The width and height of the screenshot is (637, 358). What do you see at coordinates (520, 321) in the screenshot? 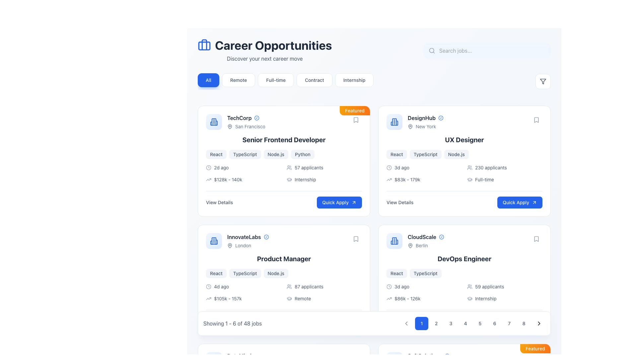
I see `the Quick Apply button located on the right side of the job card in the 'Career Opportunities' interface` at bounding box center [520, 321].